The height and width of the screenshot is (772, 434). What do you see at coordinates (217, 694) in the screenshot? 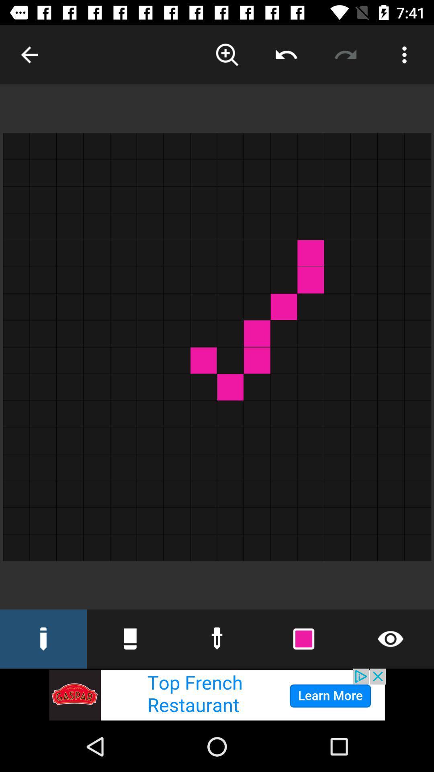
I see `the advertisement page` at bounding box center [217, 694].